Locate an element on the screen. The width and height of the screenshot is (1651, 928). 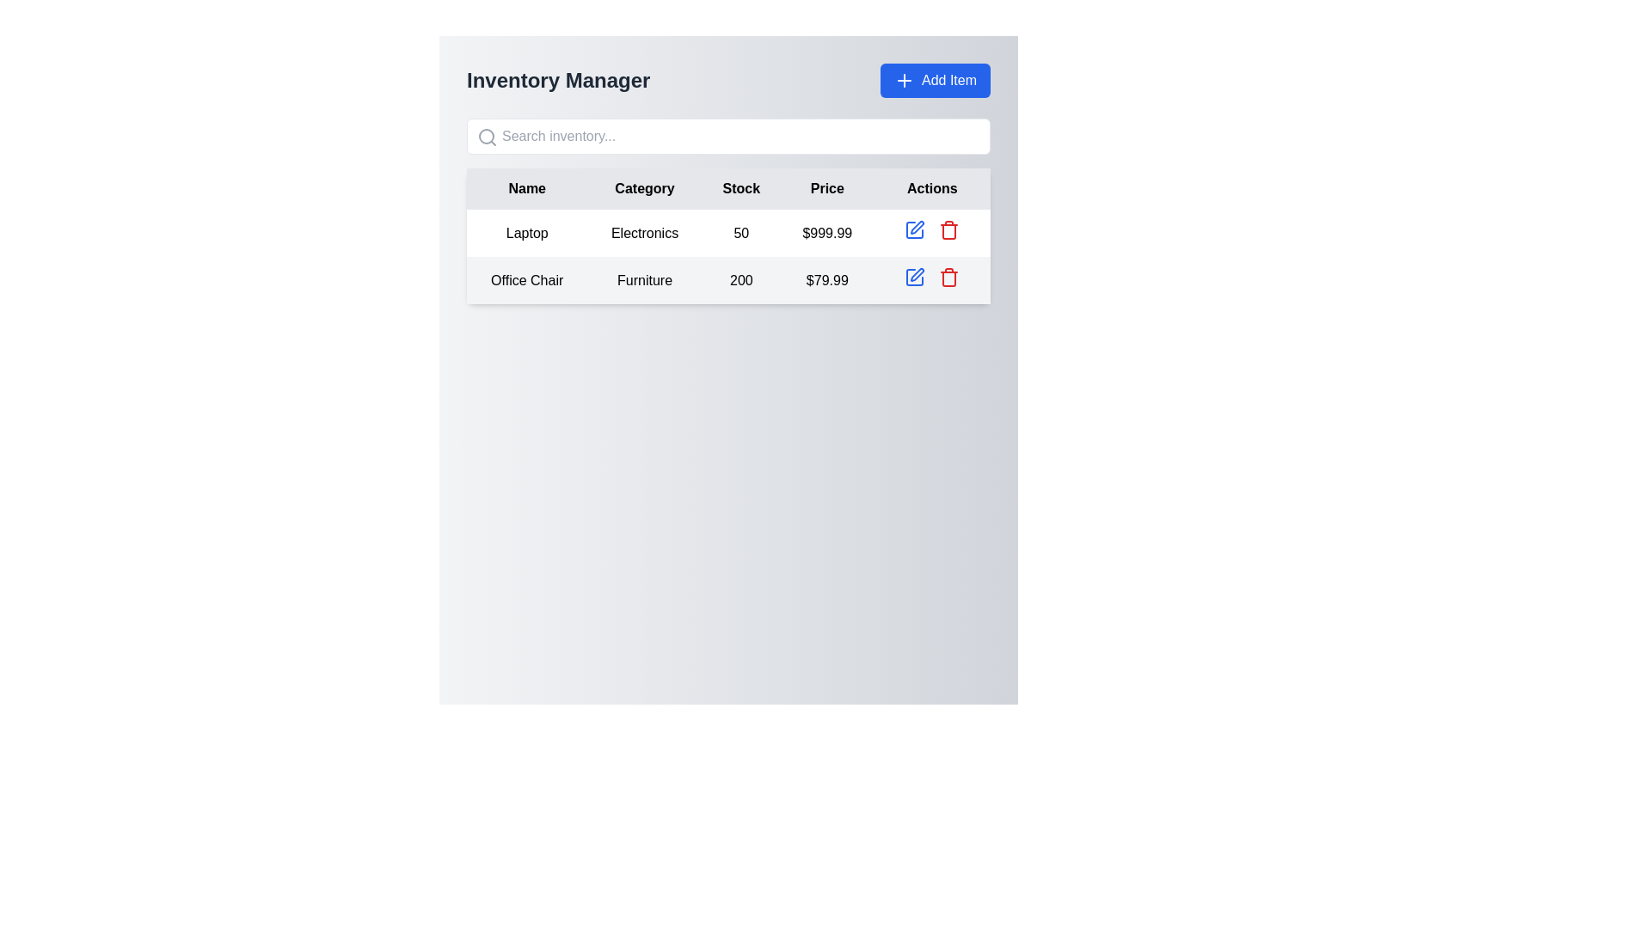
the delete button in the second row of the inventory table is located at coordinates (948, 229).